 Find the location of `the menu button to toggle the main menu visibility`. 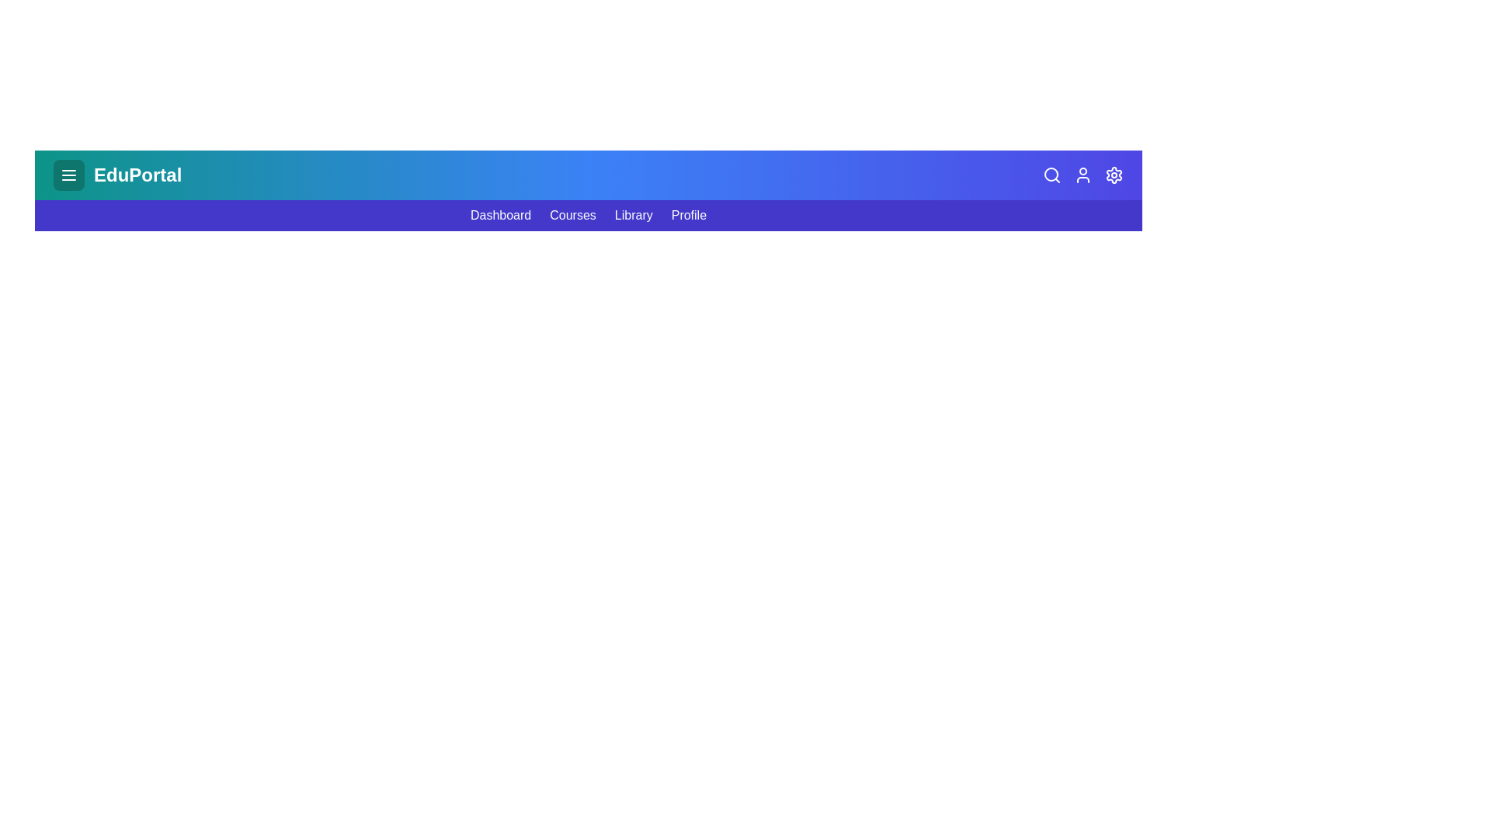

the menu button to toggle the main menu visibility is located at coordinates (68, 175).